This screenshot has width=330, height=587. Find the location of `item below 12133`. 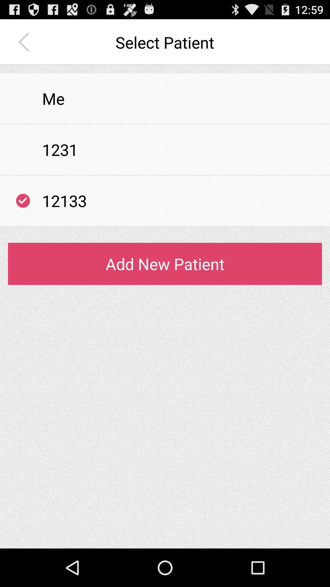

item below 12133 is located at coordinates (165, 226).